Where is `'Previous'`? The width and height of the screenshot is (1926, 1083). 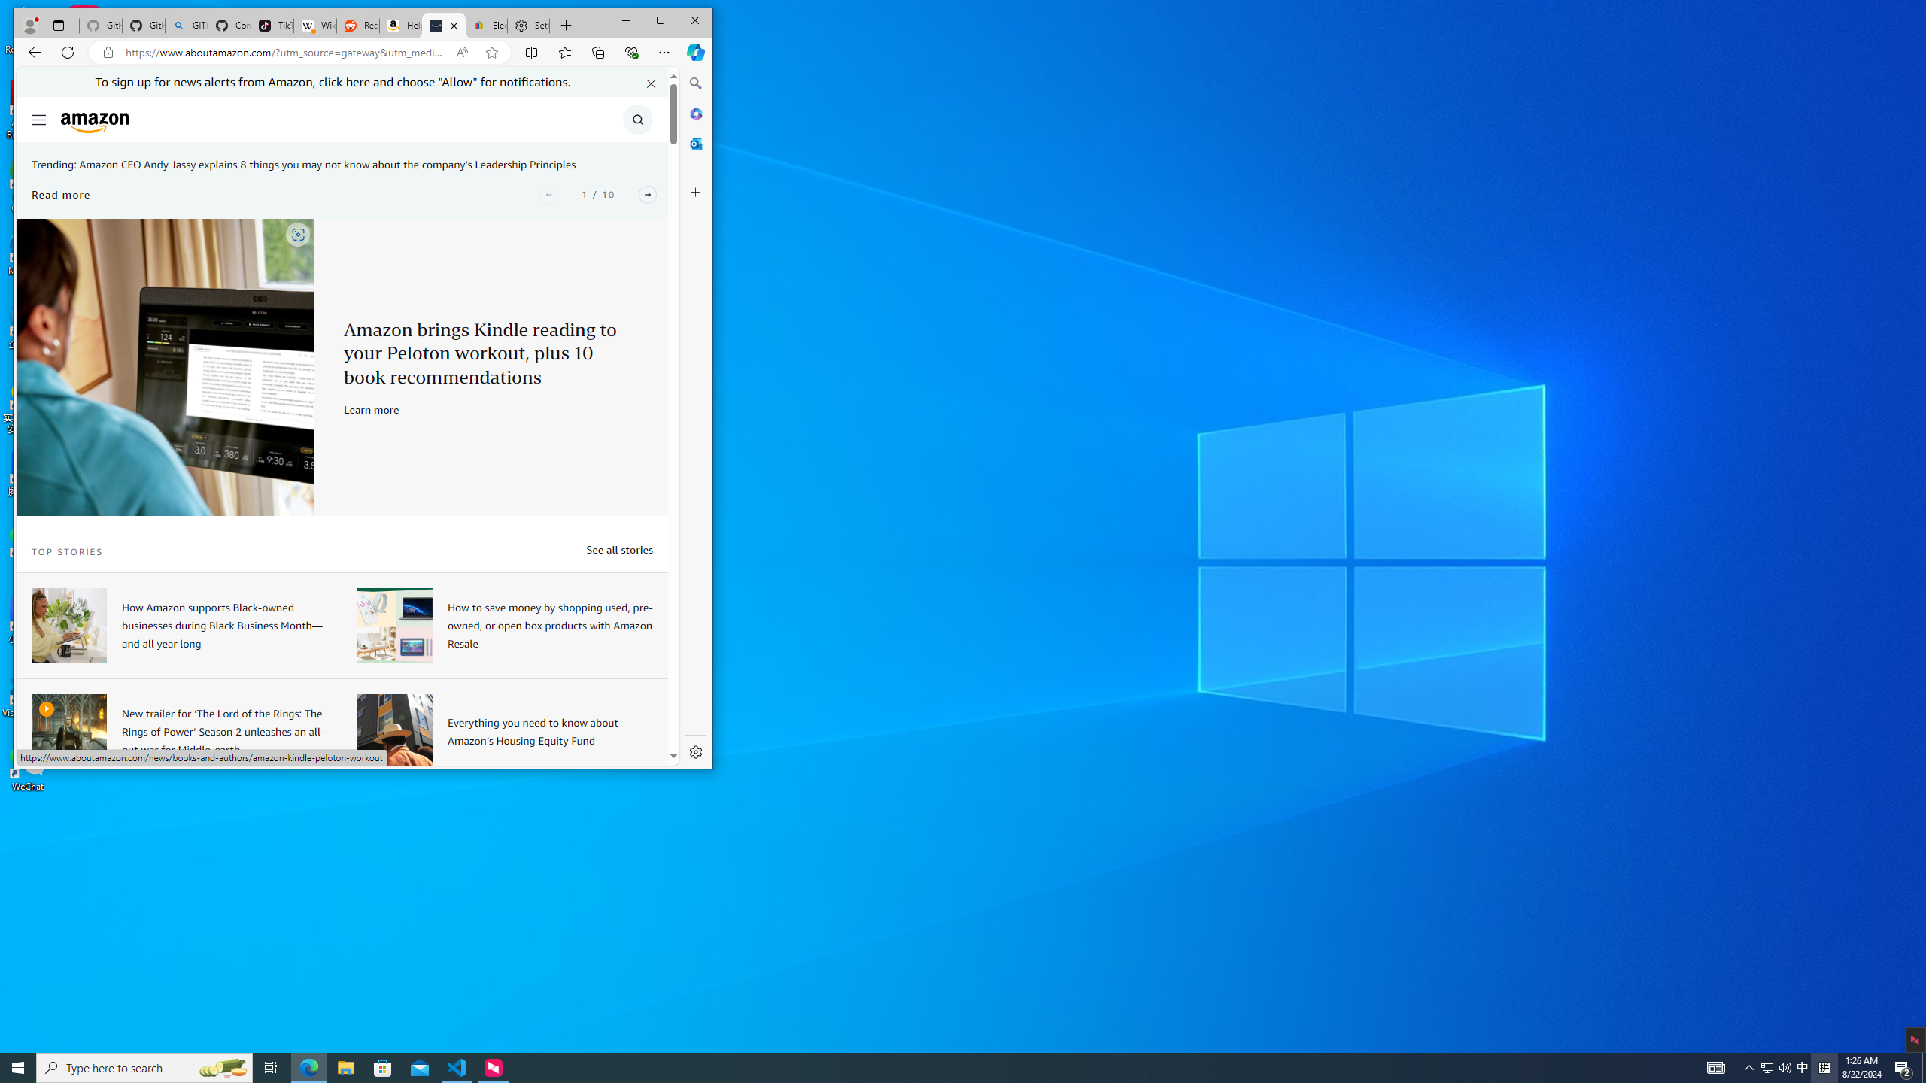
'Previous' is located at coordinates (548, 194).